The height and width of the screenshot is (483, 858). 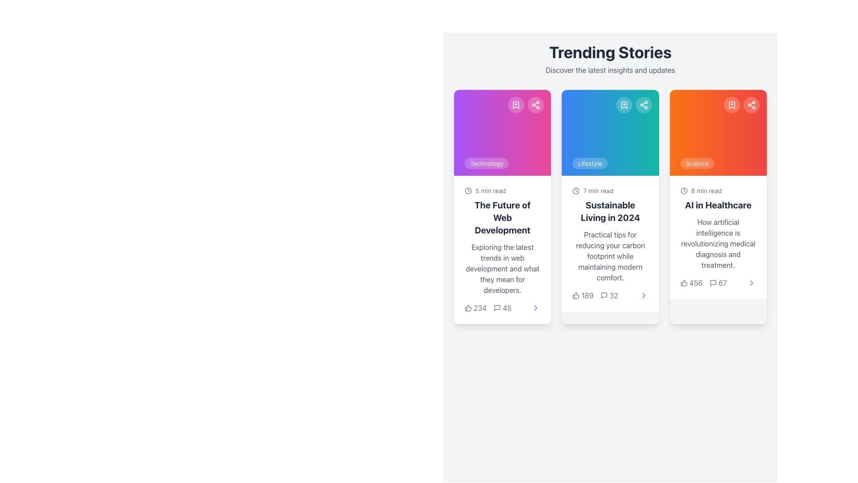 What do you see at coordinates (713, 283) in the screenshot?
I see `the small chat bubble icon representing the comment feature, located to the left of the numerical indicator ('67') in the 'AI in Healthcare' section` at bounding box center [713, 283].